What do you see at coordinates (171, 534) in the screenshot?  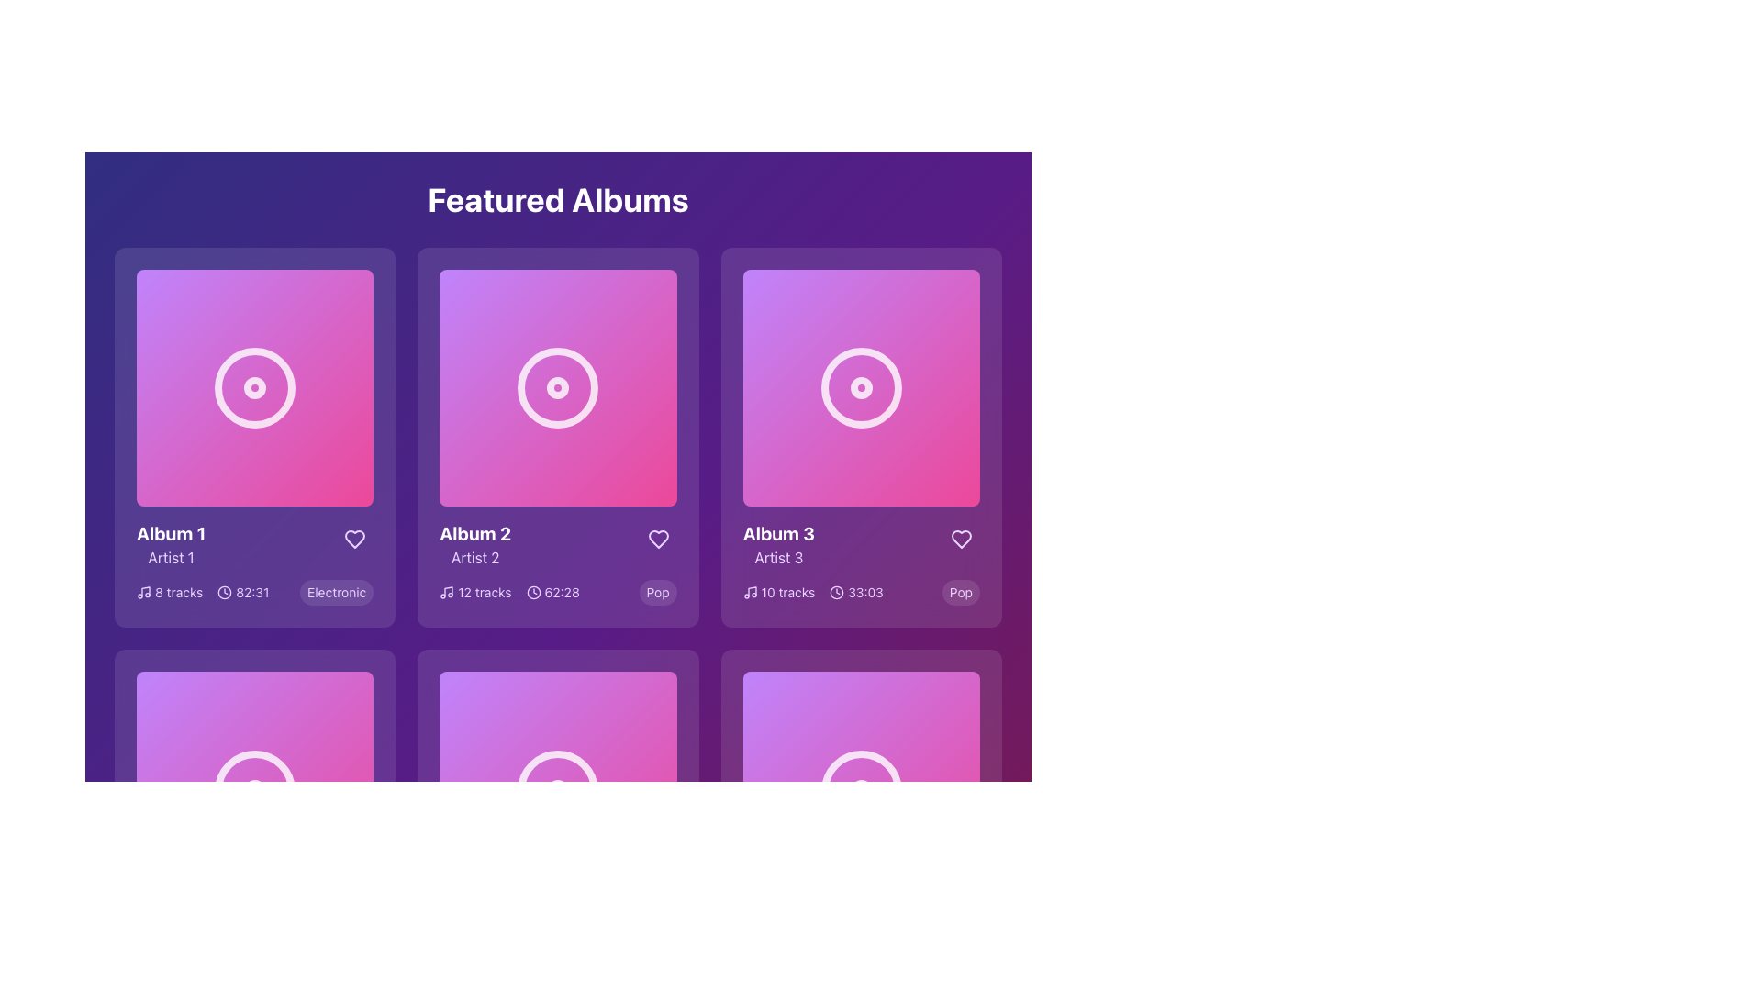 I see `the text label displaying 'Album 1' in bold, white font, located in the top left corner of the album grid` at bounding box center [171, 534].